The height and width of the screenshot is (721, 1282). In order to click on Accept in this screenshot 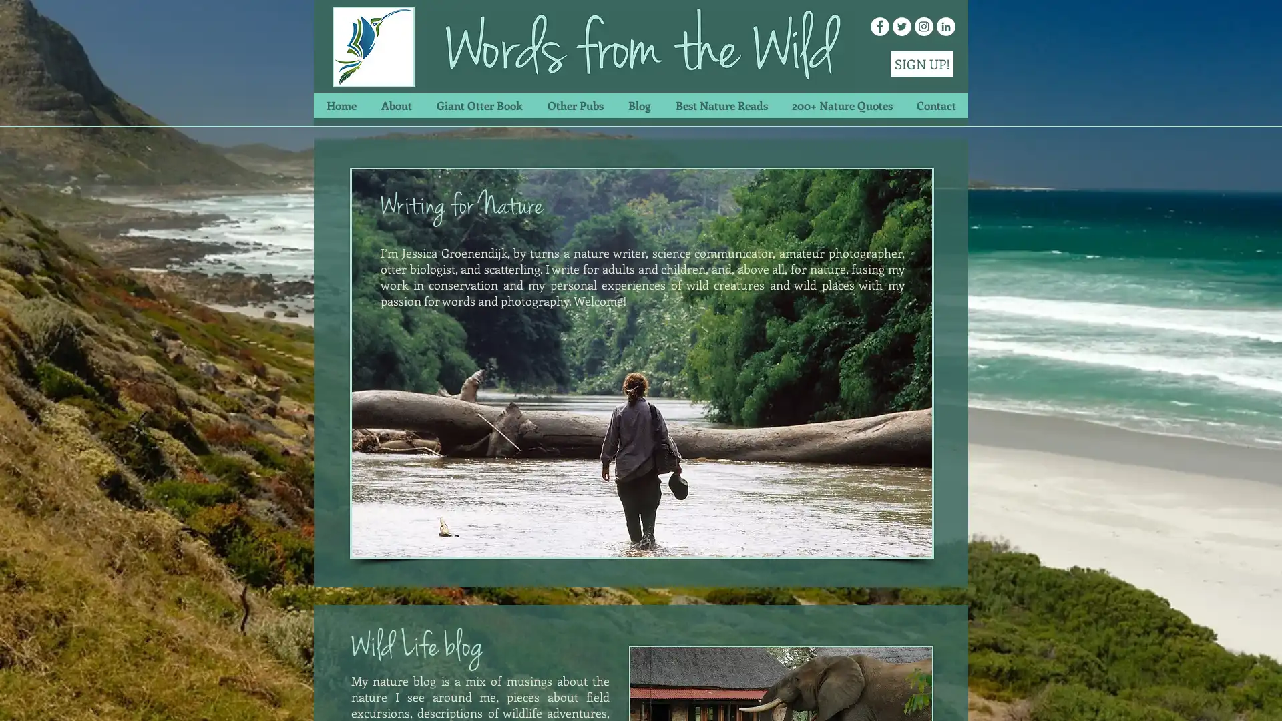, I will do `click(1222, 697)`.